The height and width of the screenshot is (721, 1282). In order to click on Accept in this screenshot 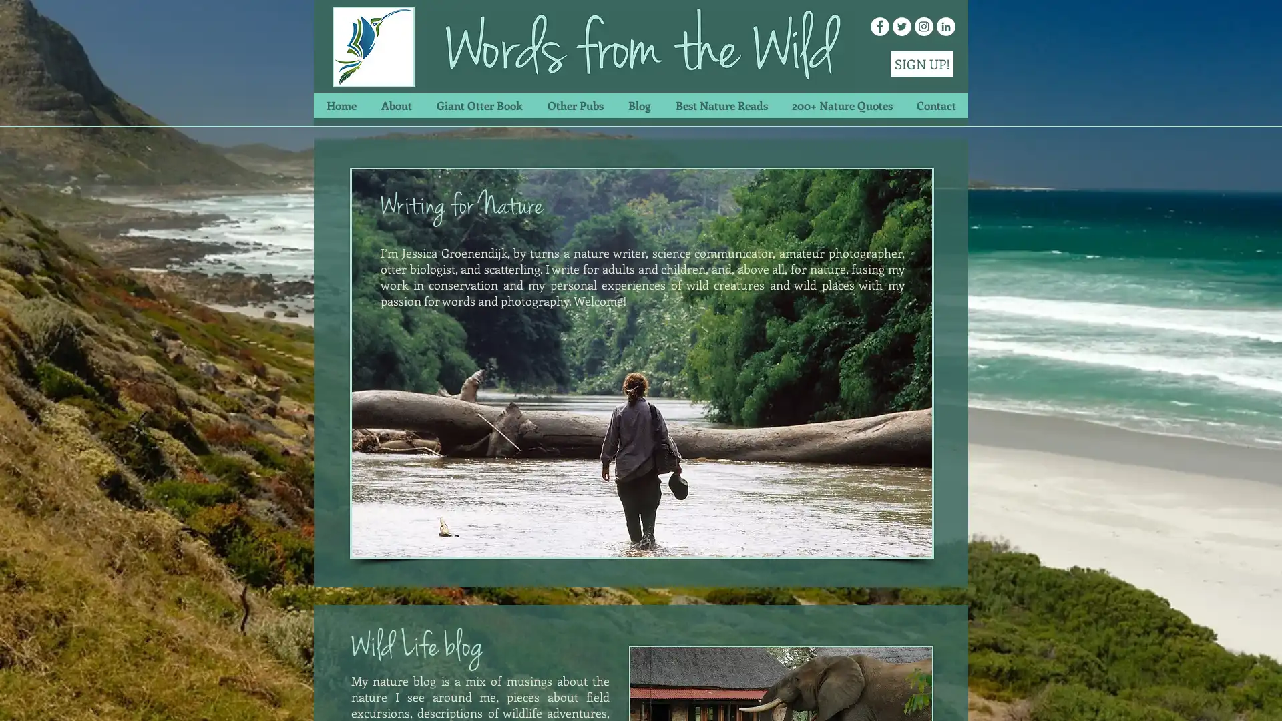, I will do `click(1222, 697)`.